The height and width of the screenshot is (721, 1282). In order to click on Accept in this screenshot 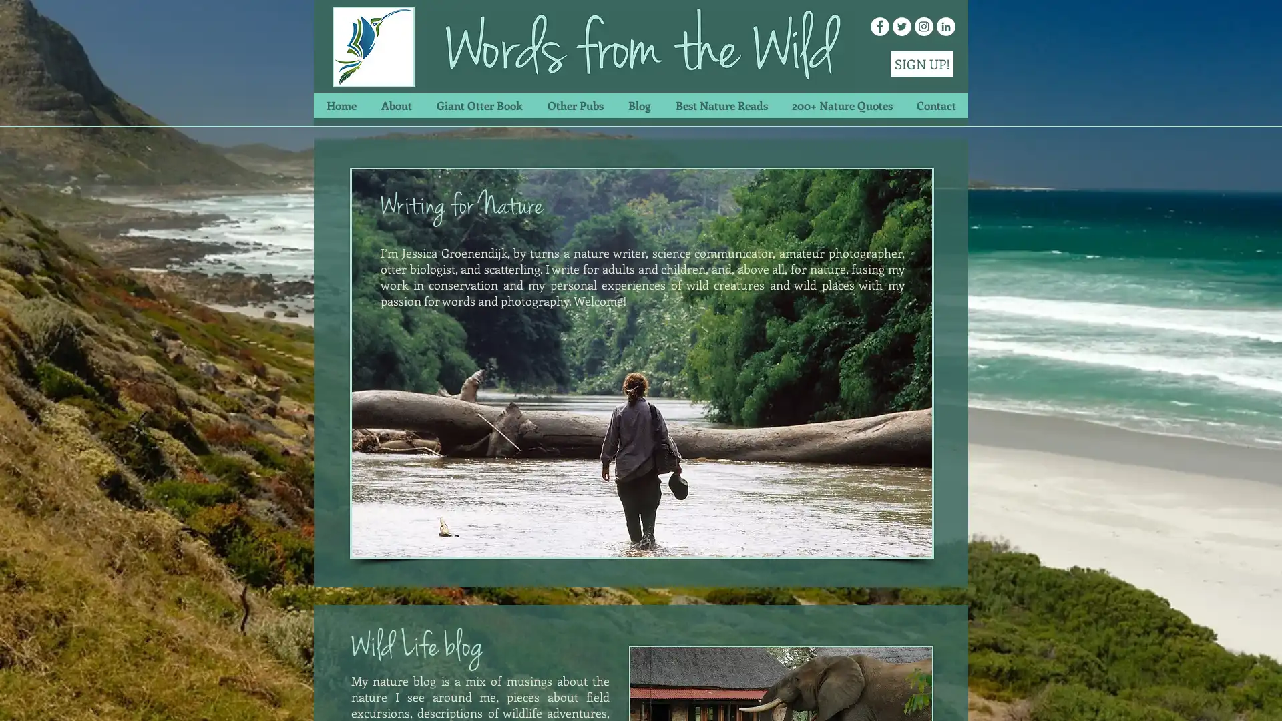, I will do `click(1222, 697)`.